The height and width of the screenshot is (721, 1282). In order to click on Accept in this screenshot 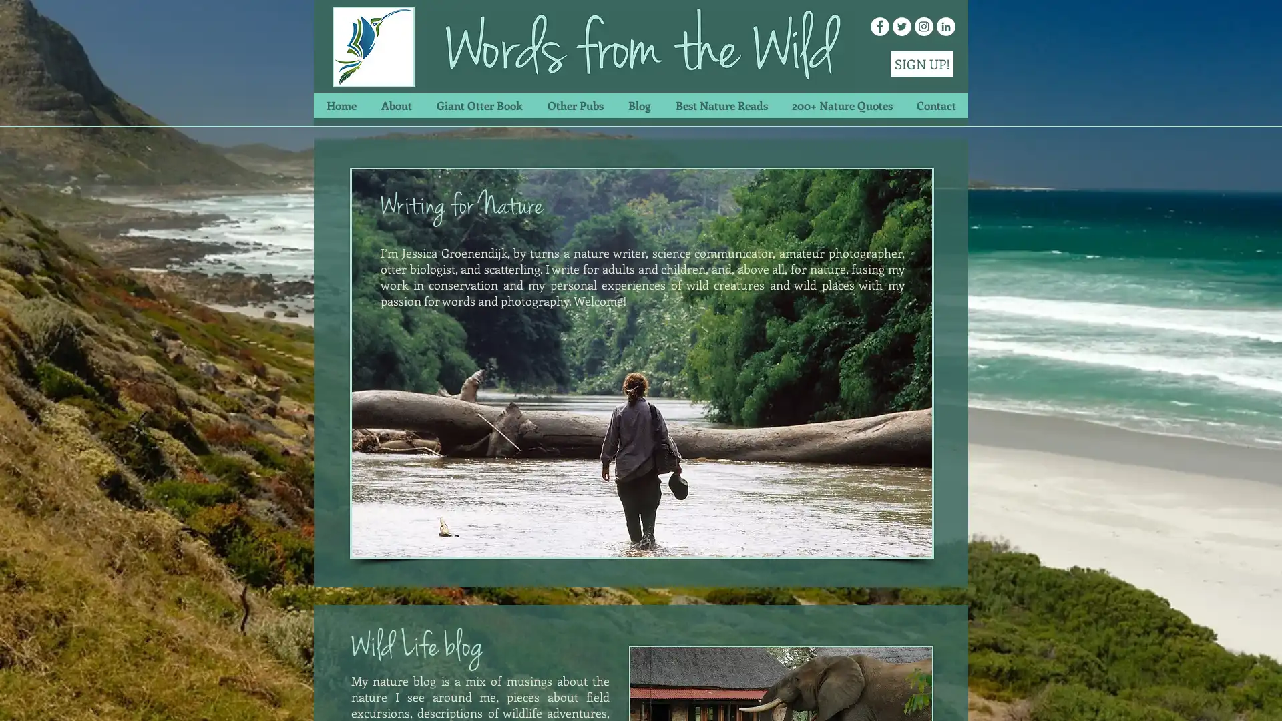, I will do `click(1222, 697)`.